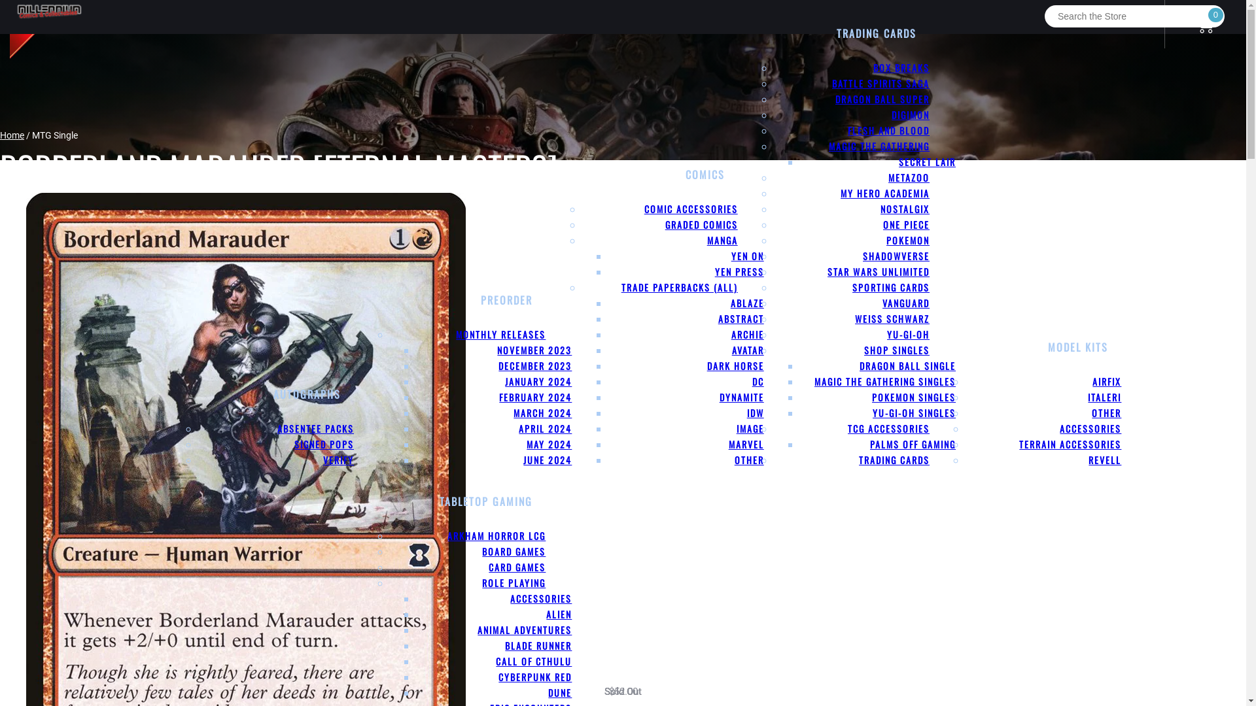  I want to click on 'OTHER', so click(749, 459).